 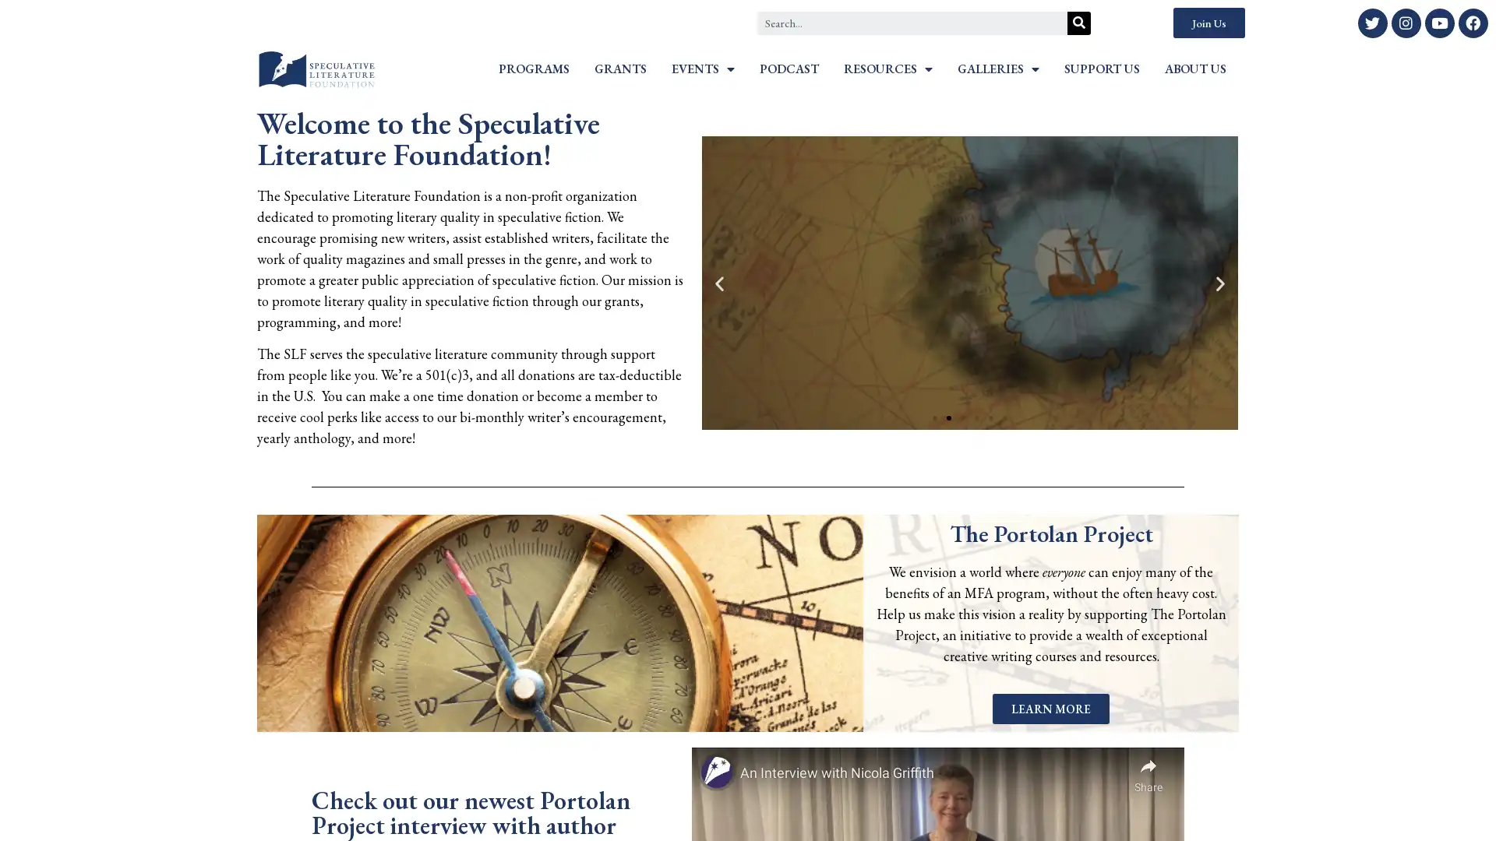 I want to click on Go to slide 6, so click(x=1005, y=417).